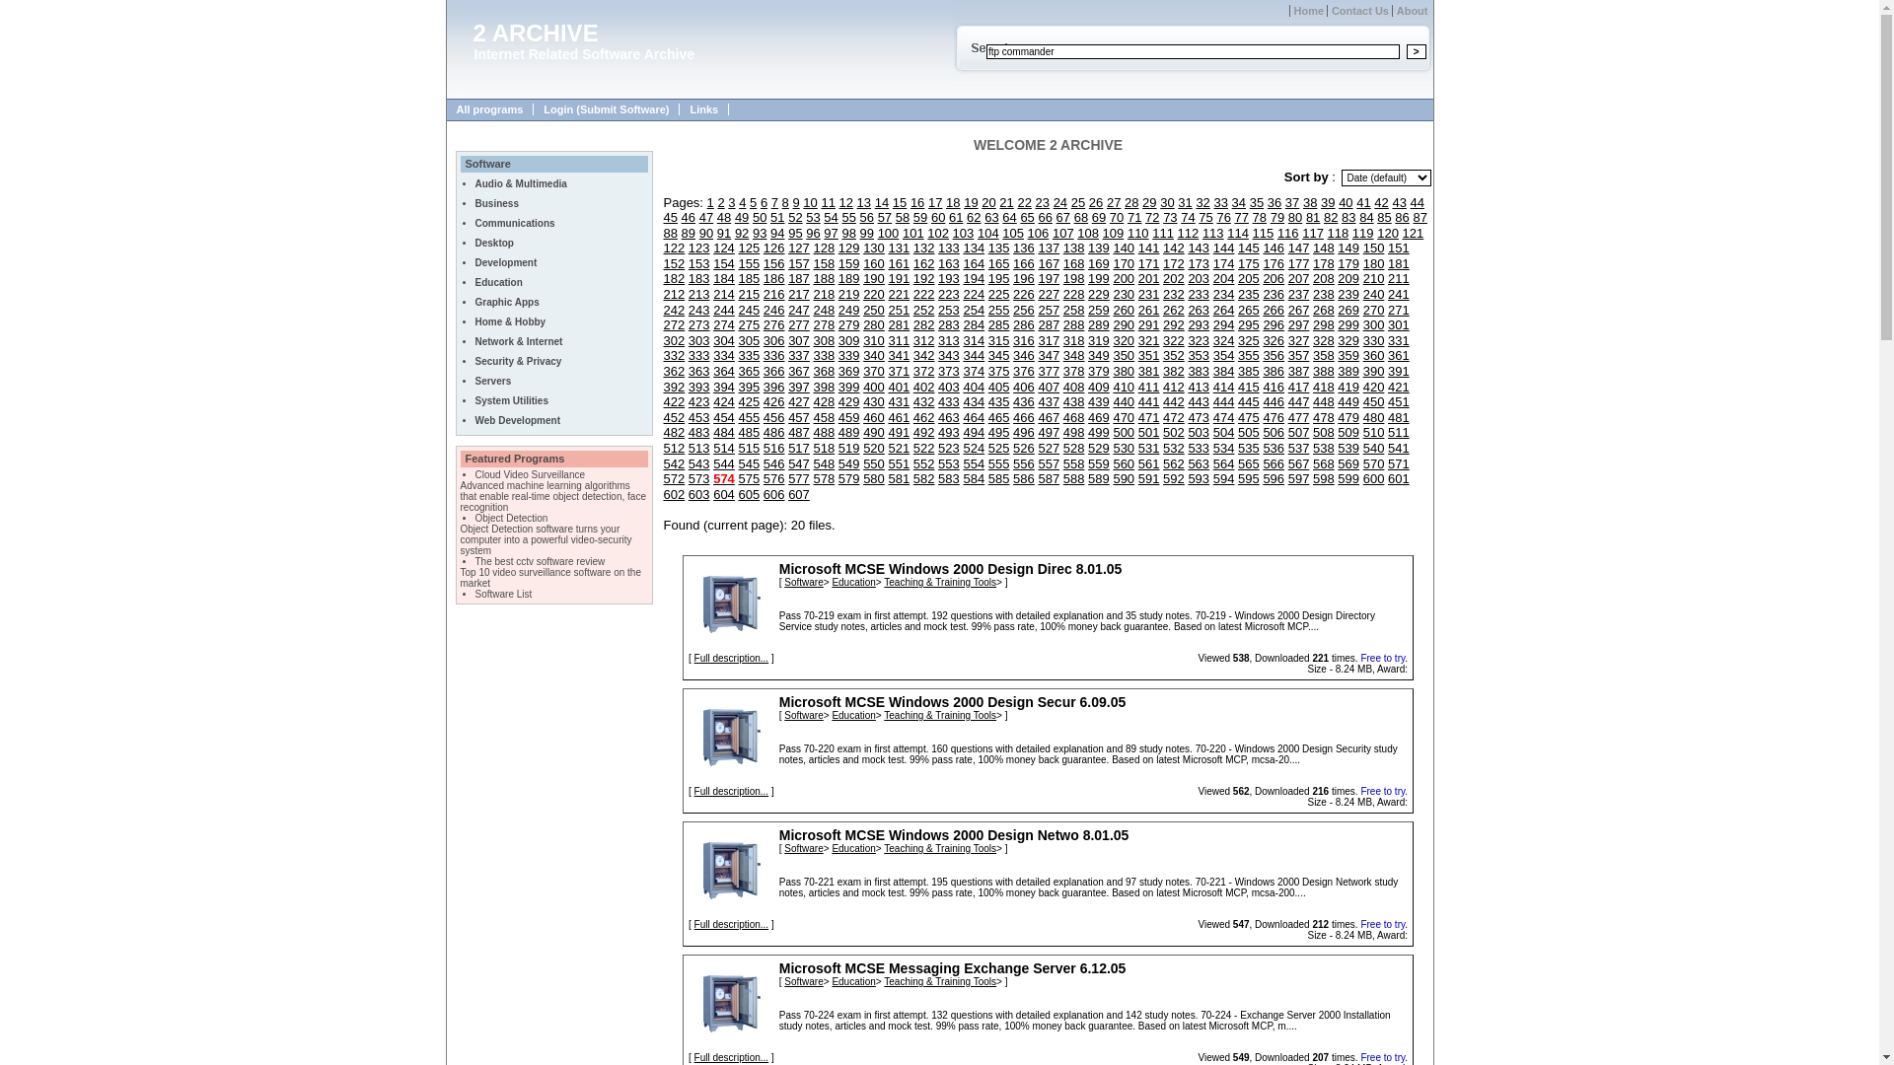  I want to click on '227', so click(1047, 294).